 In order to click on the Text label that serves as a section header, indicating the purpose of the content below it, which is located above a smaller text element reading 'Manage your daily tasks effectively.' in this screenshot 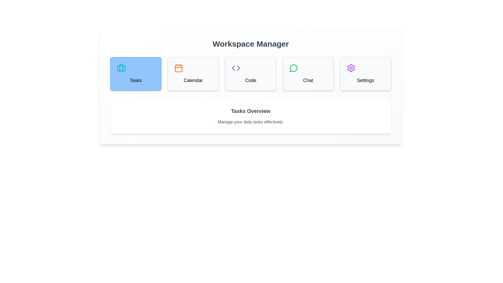, I will do `click(250, 111)`.